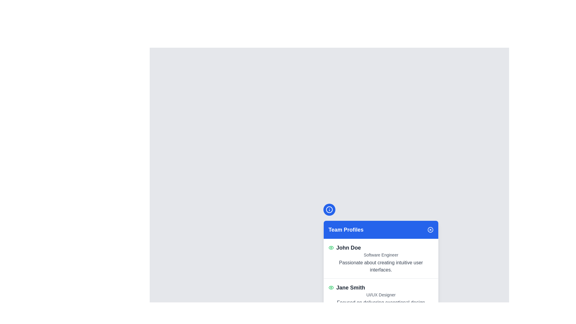  I want to click on the text label displaying the role 'UI/UX Designer' for the individual 'Jane Smith', which is located beneath their name in the 'Team Profiles' section, so click(381, 295).